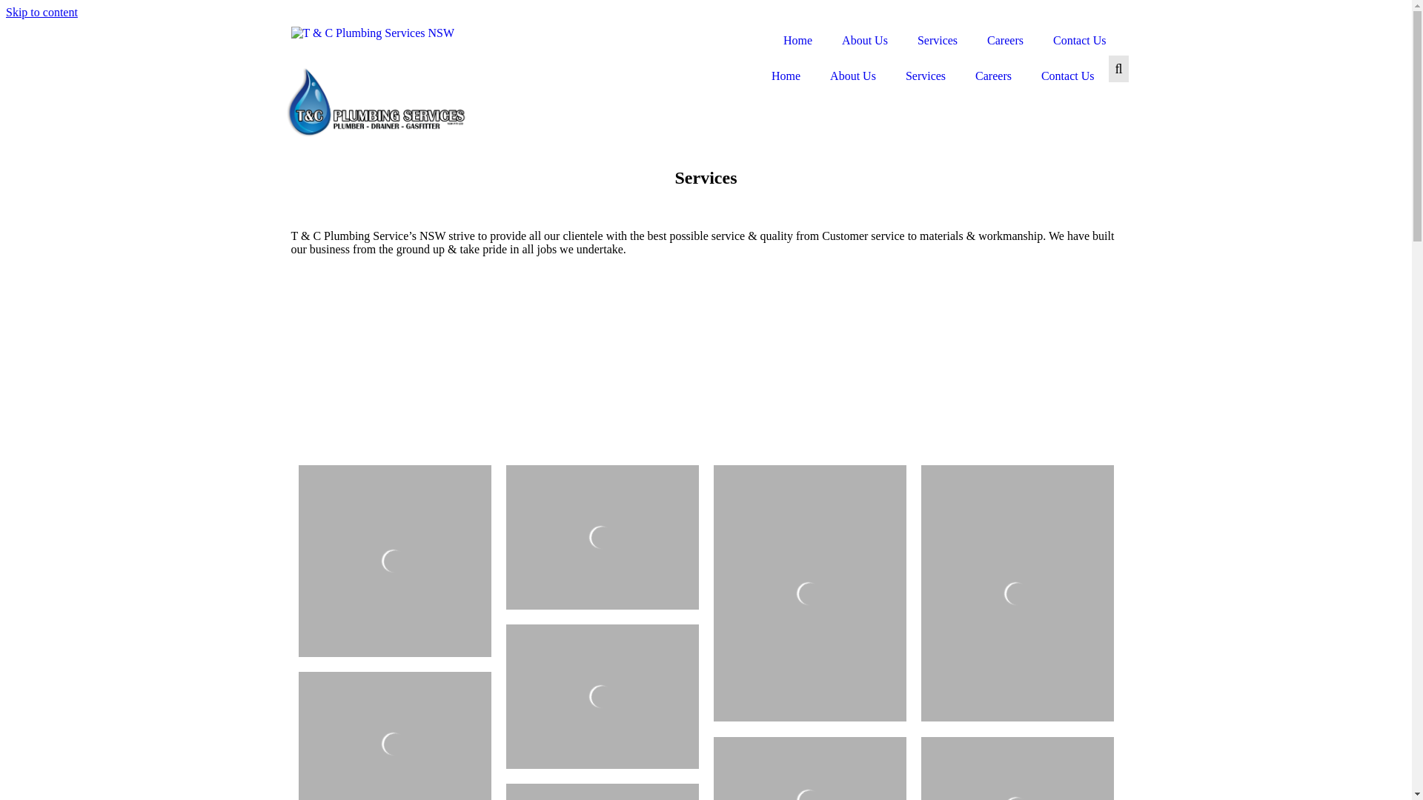 Image resolution: width=1423 pixels, height=800 pixels. What do you see at coordinates (924, 76) in the screenshot?
I see `'Services'` at bounding box center [924, 76].